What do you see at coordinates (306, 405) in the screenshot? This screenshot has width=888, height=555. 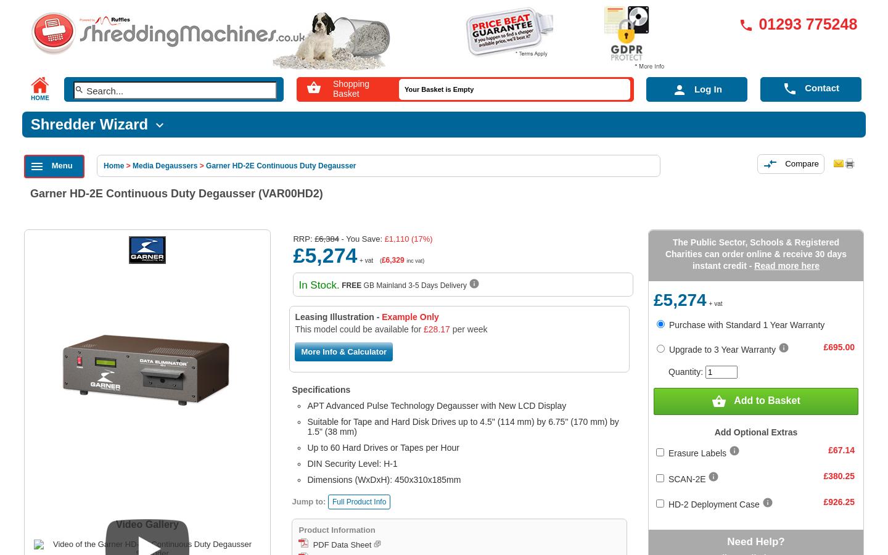 I see `'APT Advanced Pulse Technology Degausser with New LCD Display'` at bounding box center [306, 405].